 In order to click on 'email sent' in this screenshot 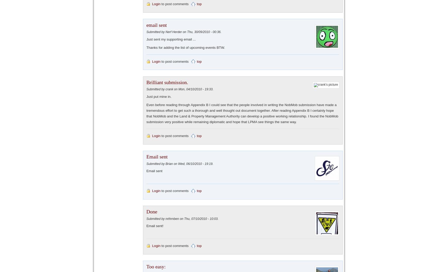, I will do `click(156, 25)`.